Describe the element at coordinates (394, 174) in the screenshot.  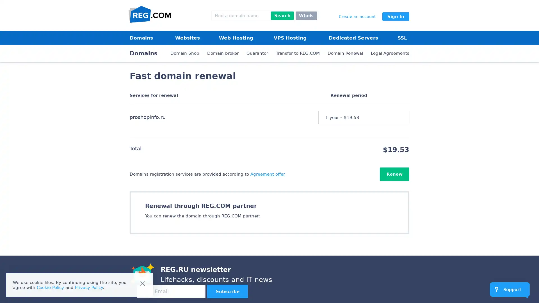
I see `Renew` at that location.